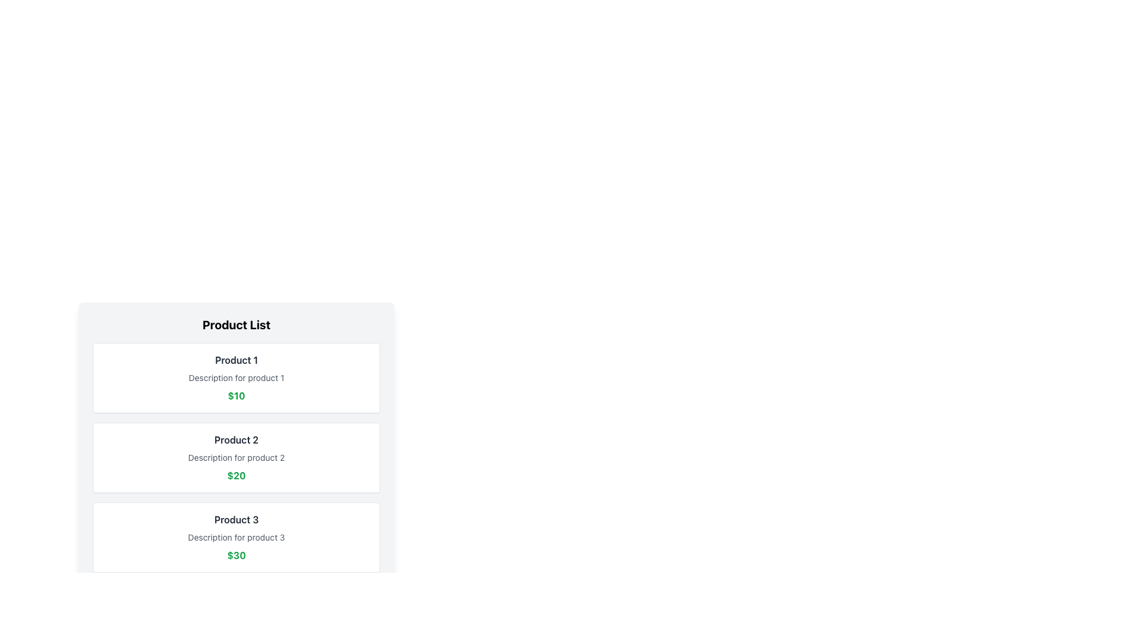 The width and height of the screenshot is (1144, 643). What do you see at coordinates (237, 325) in the screenshot?
I see `the header text label that indicates the content or purpose of the product list, positioned directly above the product details` at bounding box center [237, 325].